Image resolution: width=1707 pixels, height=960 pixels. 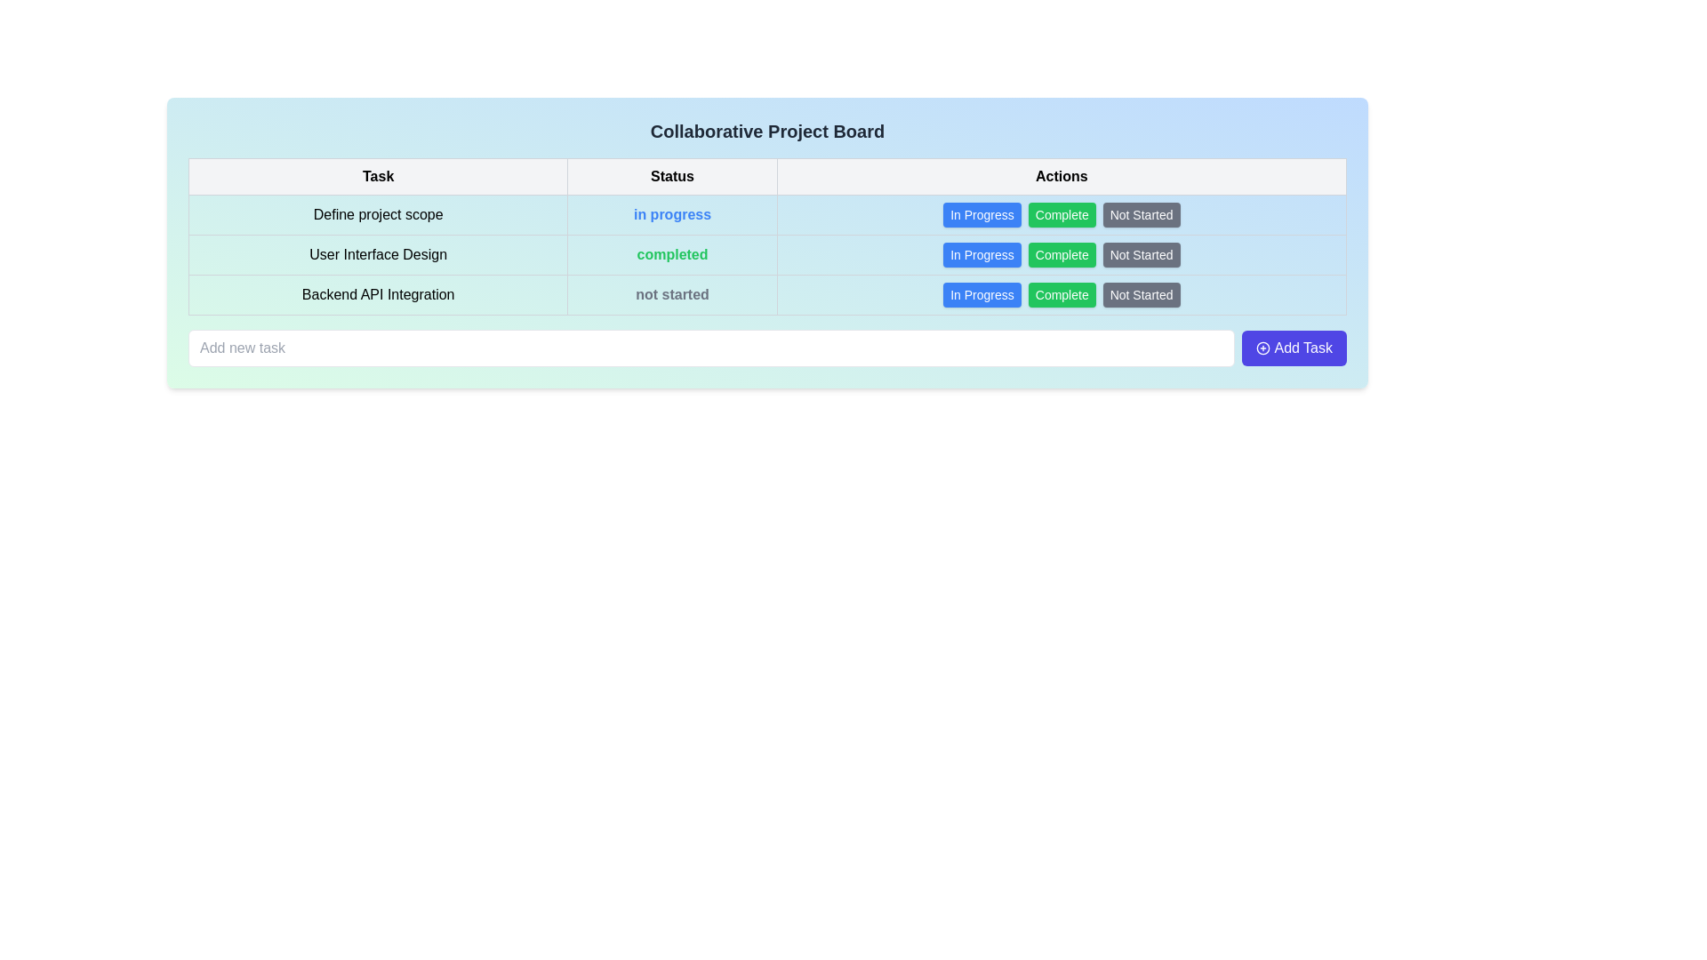 I want to click on the green 'Complete' button with rounded corners in the 'Actions' column of the 'User Interface Design' table row, so click(x=1062, y=254).